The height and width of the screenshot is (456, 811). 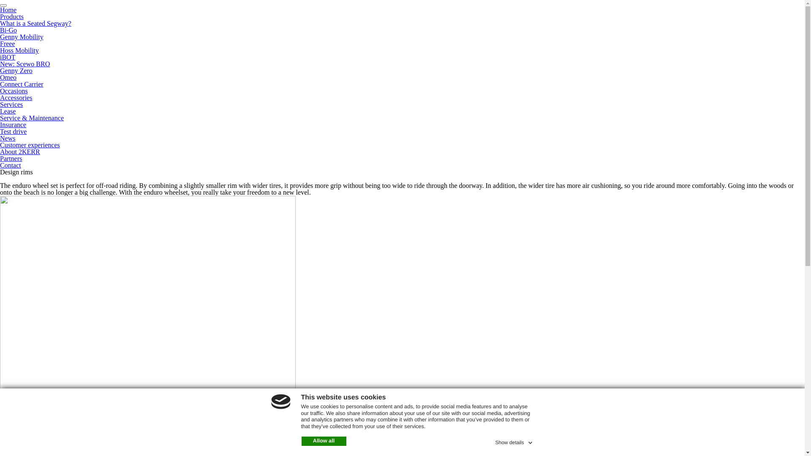 I want to click on 'News', so click(x=8, y=138).